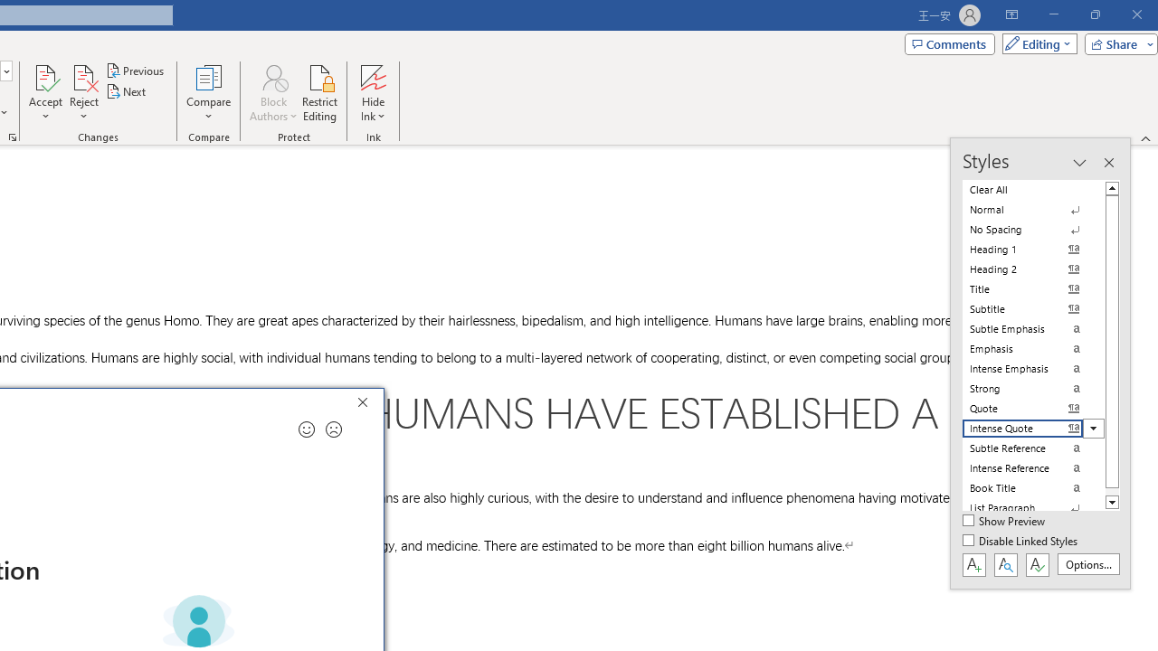  Describe the element at coordinates (45, 93) in the screenshot. I see `'Accept'` at that location.